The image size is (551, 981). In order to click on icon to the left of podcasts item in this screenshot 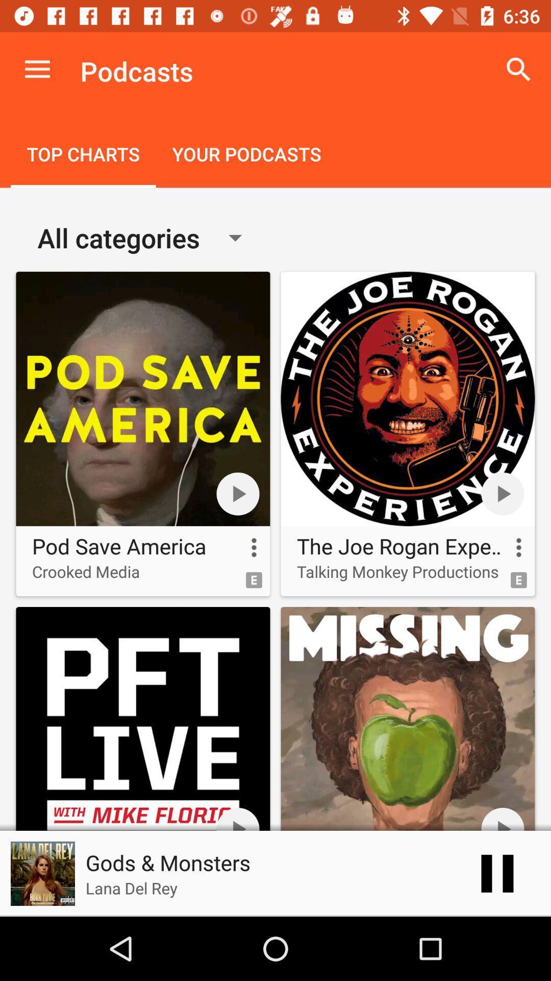, I will do `click(37, 69)`.